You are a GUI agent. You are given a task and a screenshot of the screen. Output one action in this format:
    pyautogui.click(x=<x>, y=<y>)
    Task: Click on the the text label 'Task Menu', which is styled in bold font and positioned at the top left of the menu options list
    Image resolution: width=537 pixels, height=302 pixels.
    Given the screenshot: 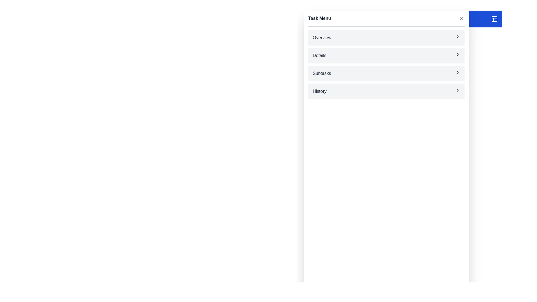 What is the action you would take?
    pyautogui.click(x=319, y=18)
    